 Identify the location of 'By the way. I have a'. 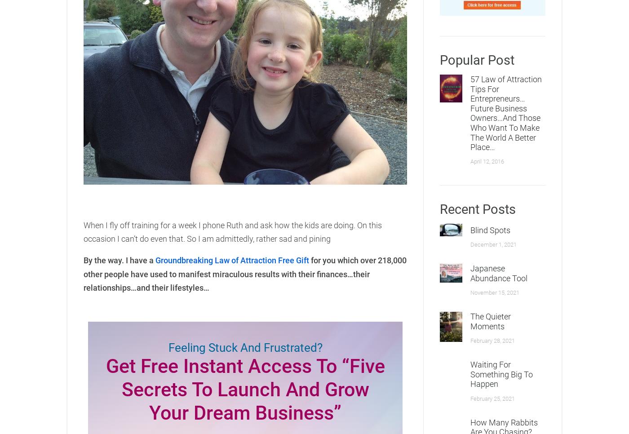
(120, 260).